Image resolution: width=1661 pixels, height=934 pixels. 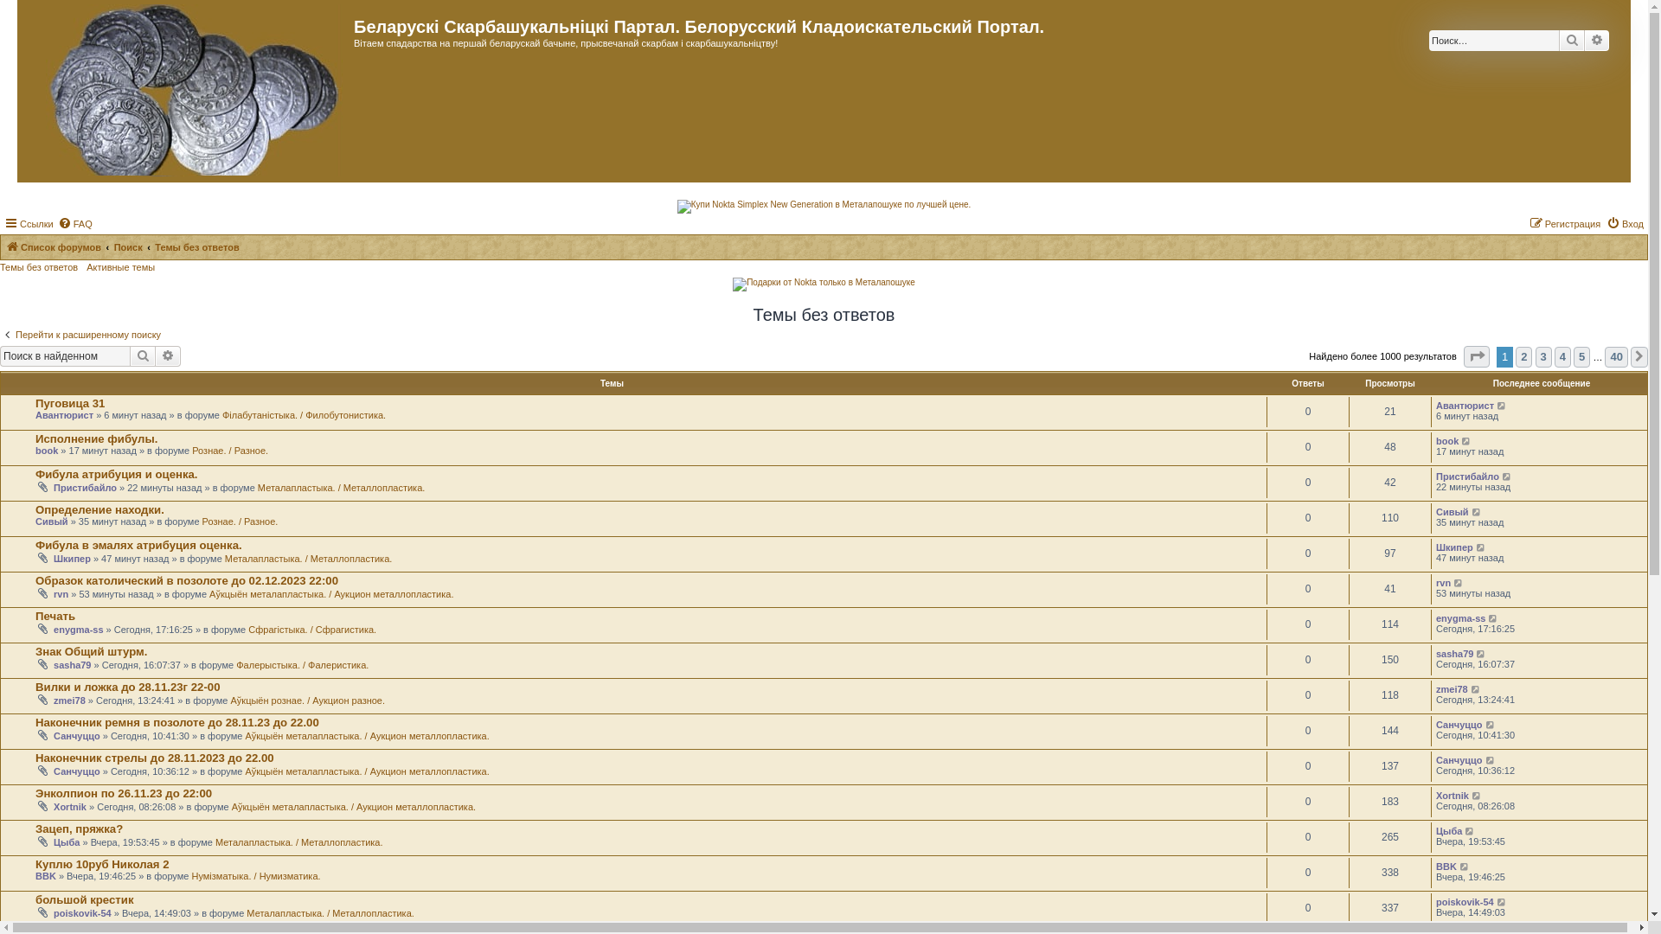 What do you see at coordinates (69, 700) in the screenshot?
I see `'zmei78'` at bounding box center [69, 700].